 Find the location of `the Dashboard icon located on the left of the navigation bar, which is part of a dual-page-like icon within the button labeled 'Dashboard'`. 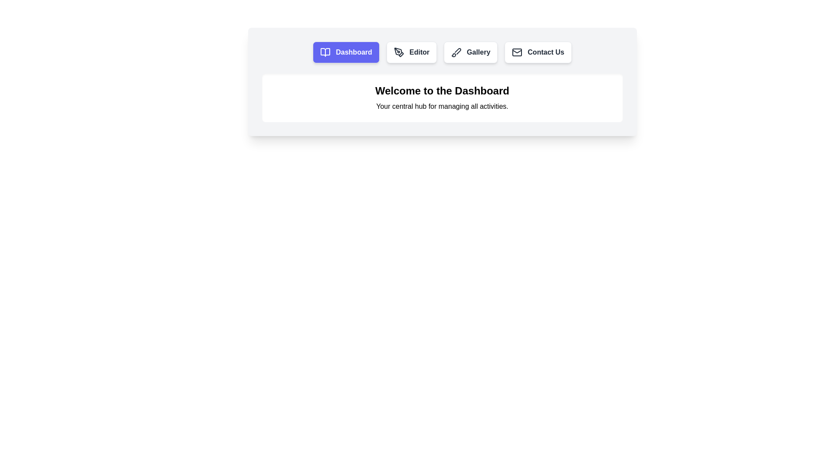

the Dashboard icon located on the left of the navigation bar, which is part of a dual-page-like icon within the button labeled 'Dashboard' is located at coordinates (325, 52).